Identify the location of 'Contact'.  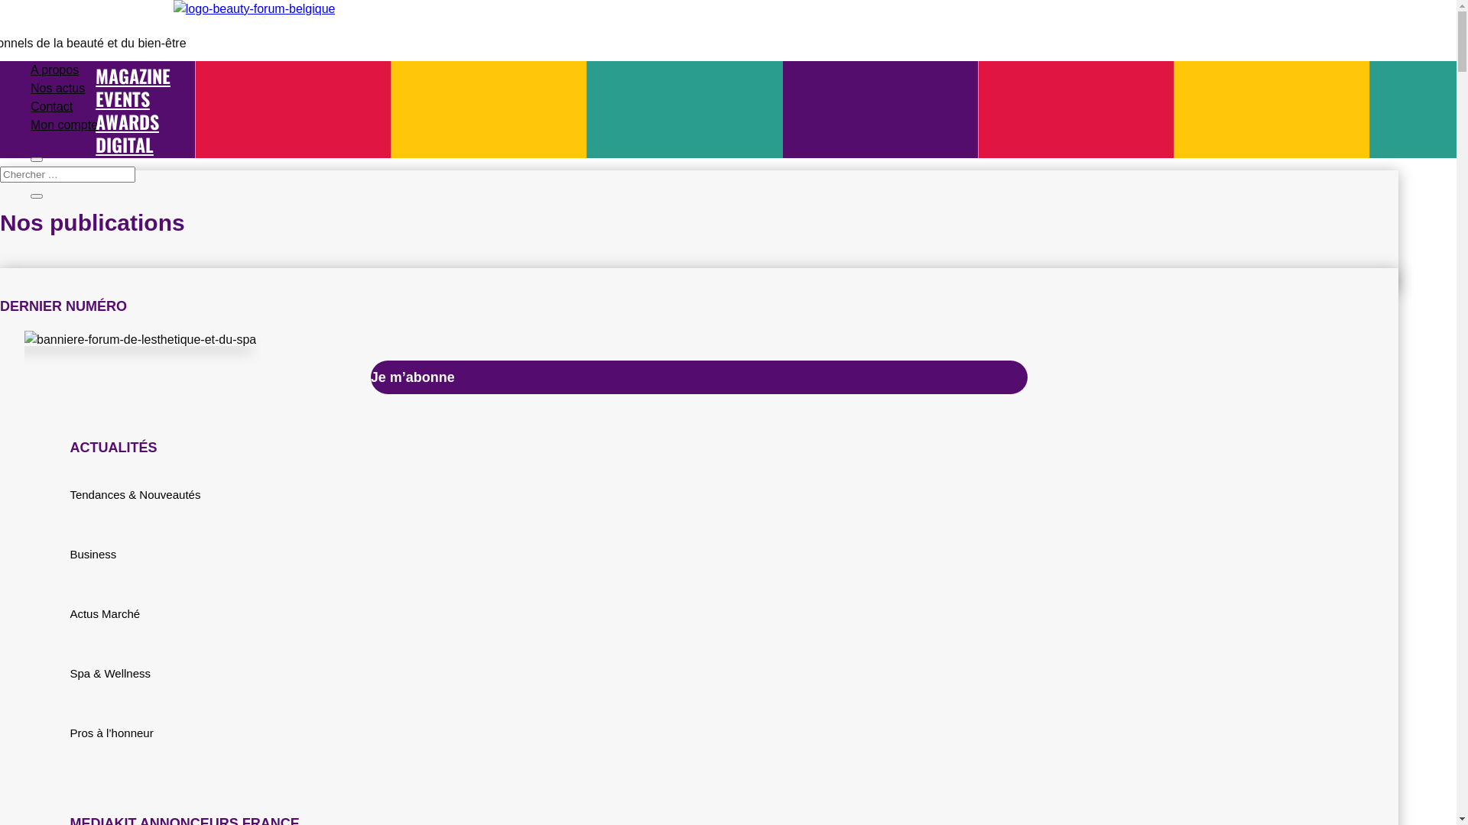
(30, 105).